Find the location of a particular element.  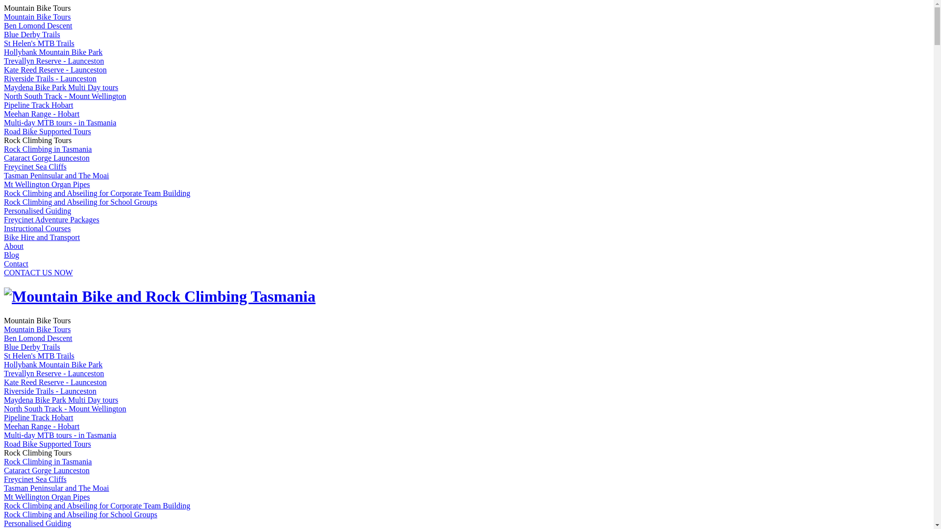

'Freycinet Sea Cliffs' is located at coordinates (35, 166).